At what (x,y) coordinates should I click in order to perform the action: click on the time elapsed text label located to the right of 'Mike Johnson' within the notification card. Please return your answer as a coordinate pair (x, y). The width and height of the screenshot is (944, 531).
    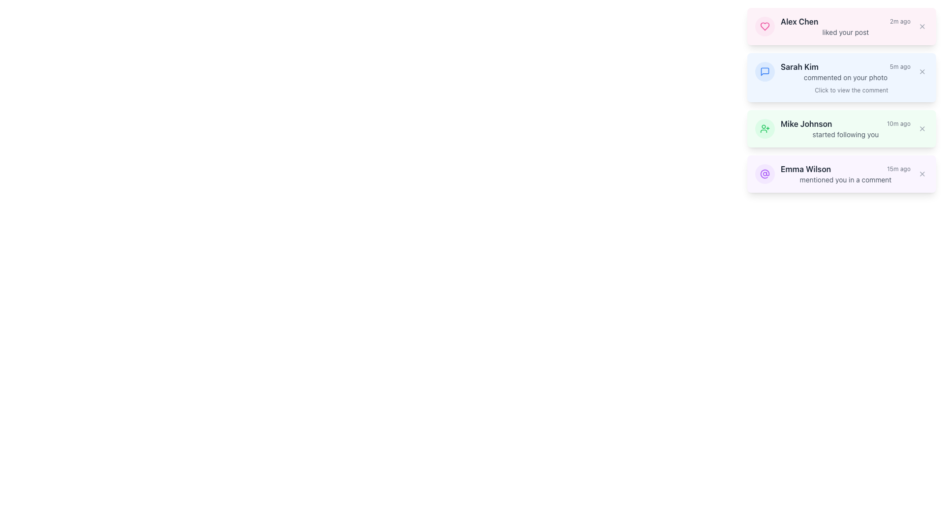
    Looking at the image, I should click on (899, 123).